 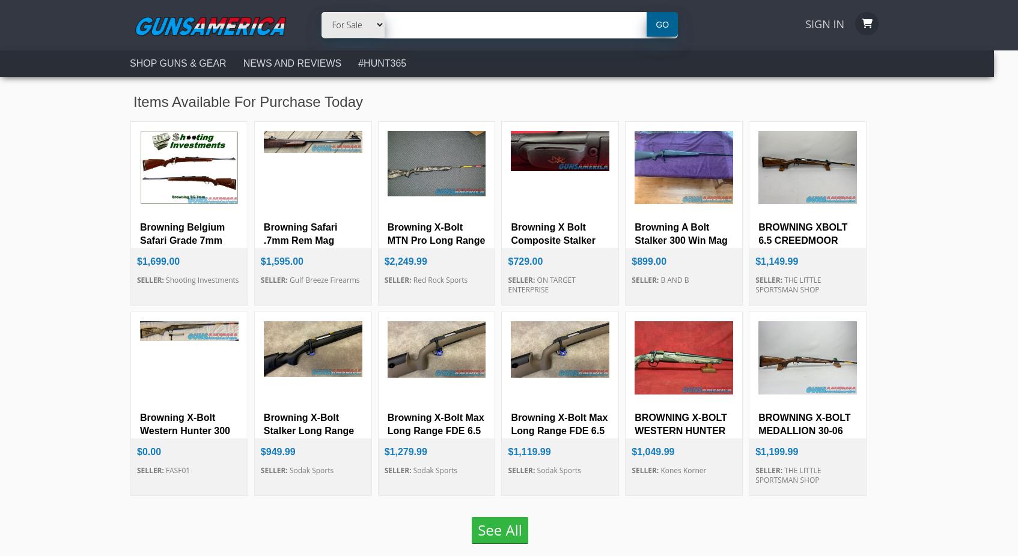 What do you see at coordinates (802, 234) in the screenshot?
I see `'BROWNING XBOLT 6.5 CREEDMOOR'` at bounding box center [802, 234].